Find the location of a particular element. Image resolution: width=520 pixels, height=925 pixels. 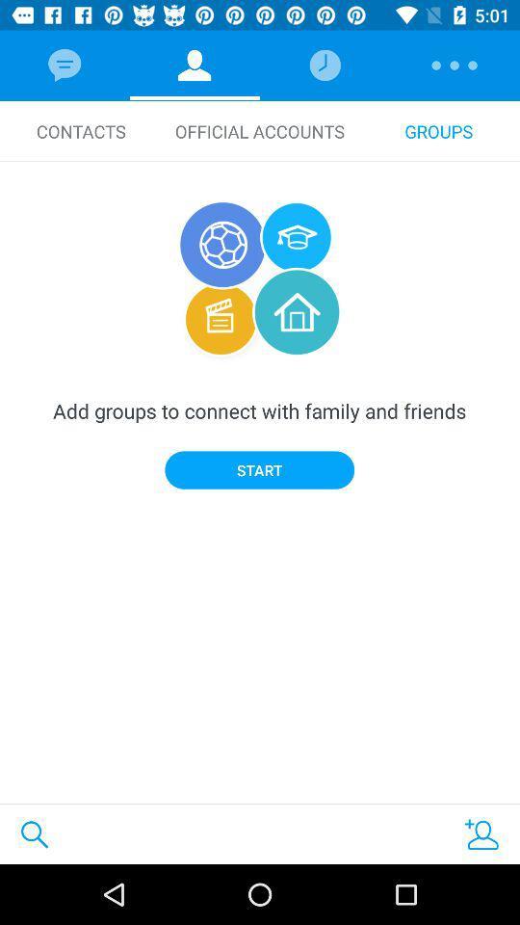

the item below add groups to is located at coordinates (259, 469).